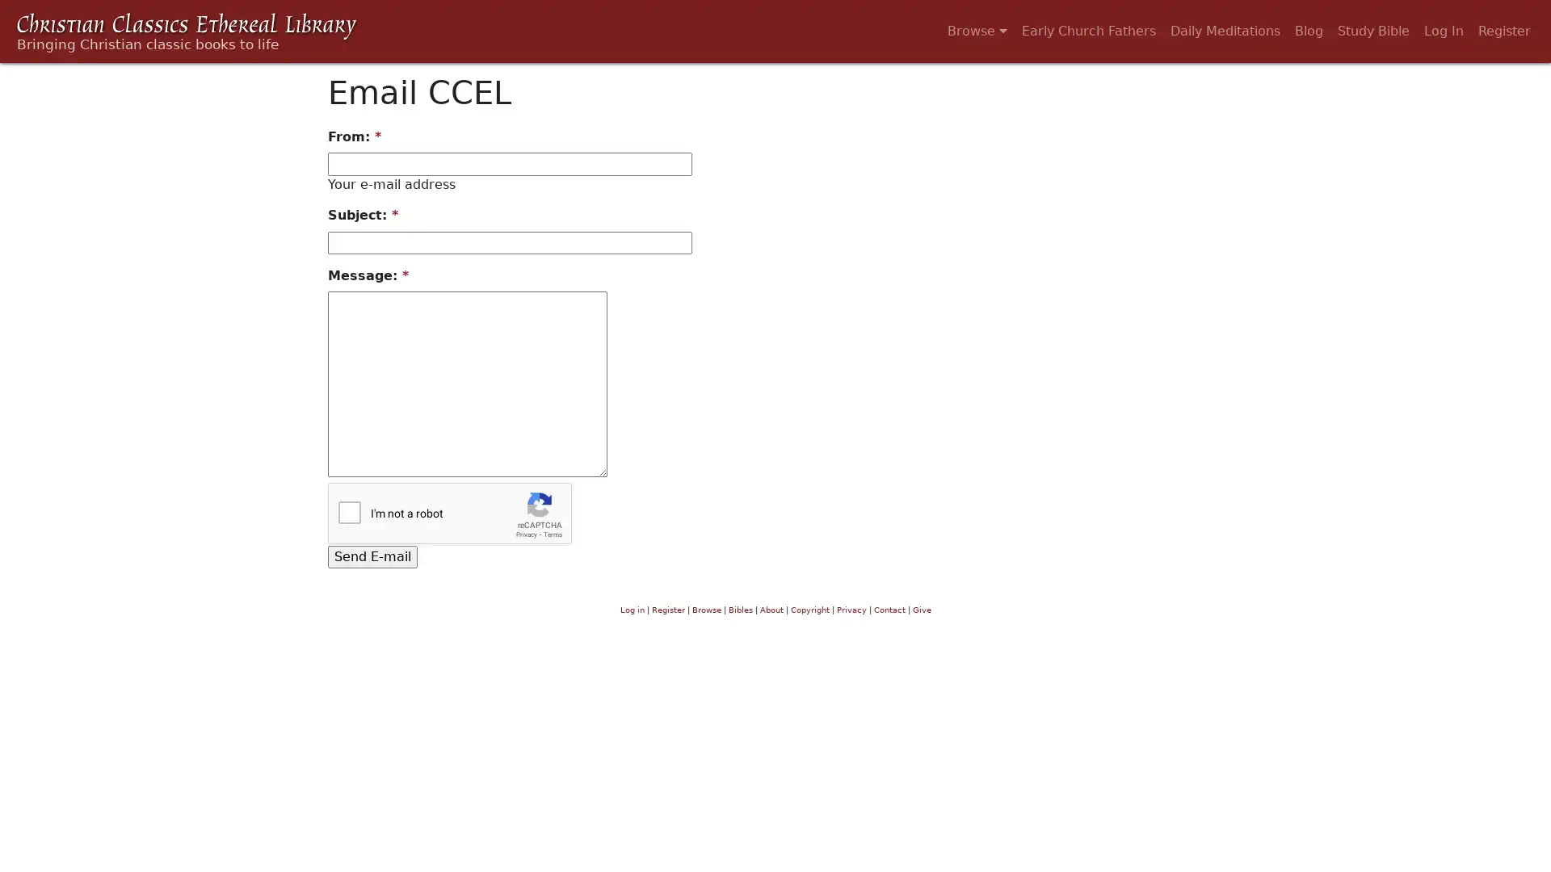  I want to click on Register, so click(1503, 31).